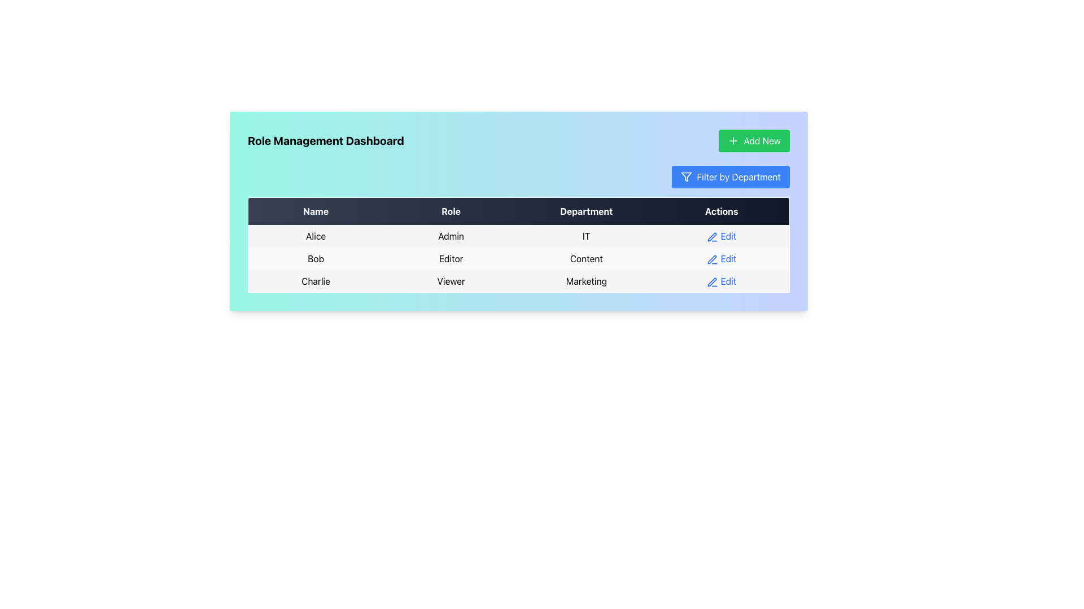  I want to click on the non-interactive label indicating the department name in the third row of the table under the 'Department' column, so click(586, 281).